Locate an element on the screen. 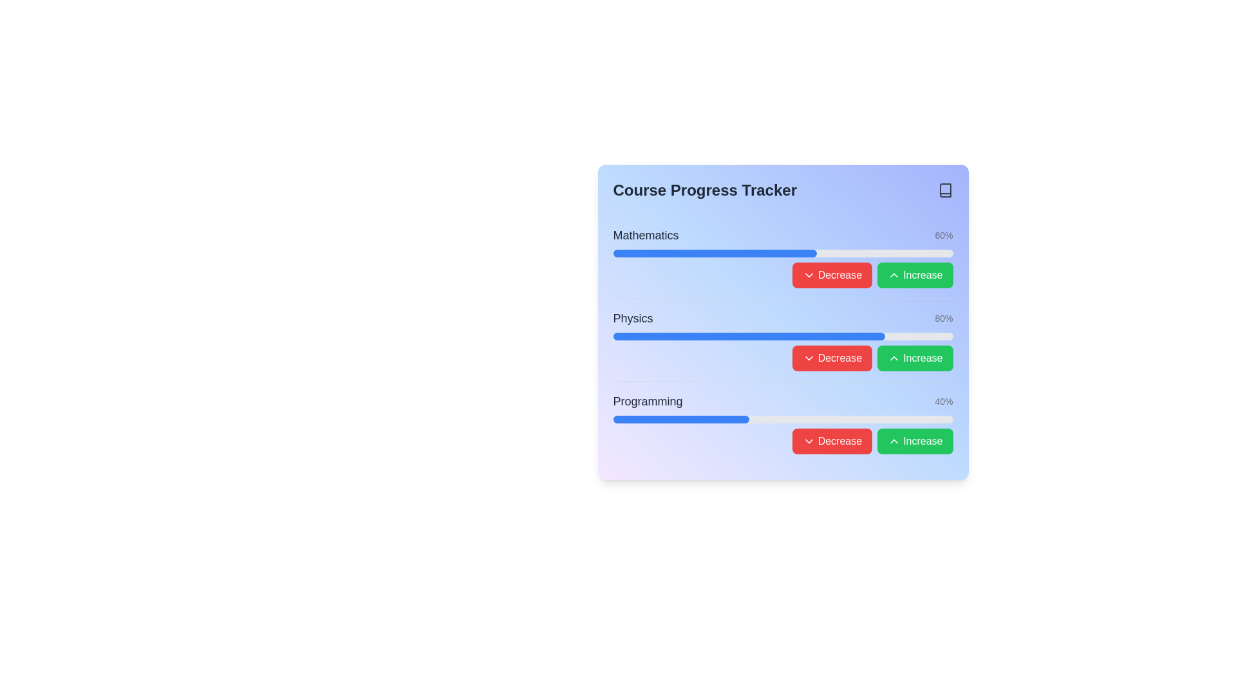 This screenshot has height=695, width=1236. the small book icon with a dark gray outline located at the top-right of the 'Course Progress Tracker' title text is located at coordinates (945, 190).